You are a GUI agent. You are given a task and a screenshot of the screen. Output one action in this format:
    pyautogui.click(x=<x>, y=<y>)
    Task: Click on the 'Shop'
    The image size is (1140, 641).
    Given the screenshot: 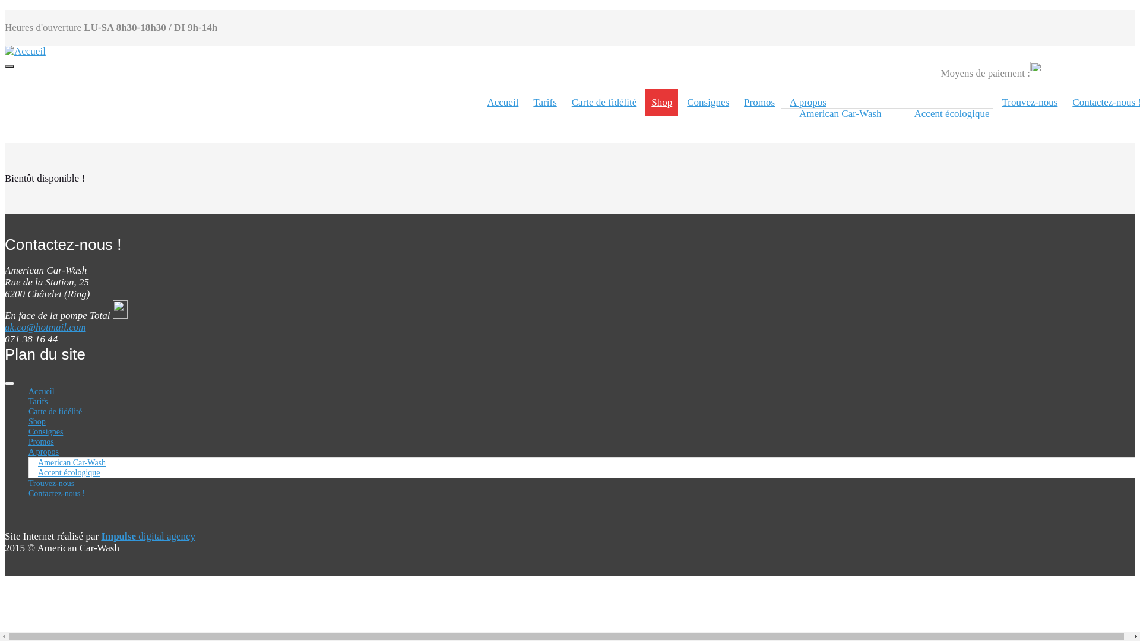 What is the action you would take?
    pyautogui.click(x=37, y=421)
    